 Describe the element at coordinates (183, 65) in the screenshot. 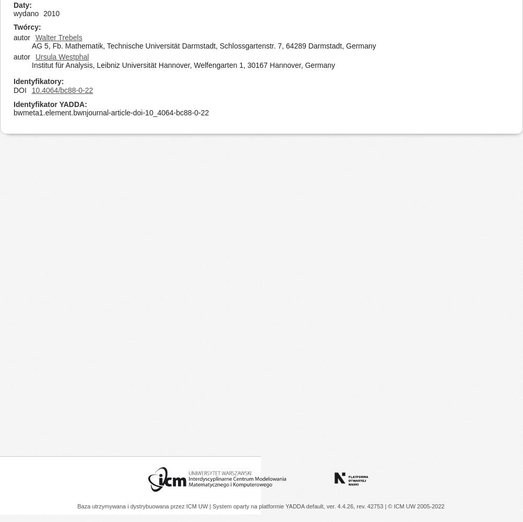

I see `'Institut für Analysis, Leibniz Universität Hannover, Welfengarten 1, 30167 Hannover, Germany'` at that location.